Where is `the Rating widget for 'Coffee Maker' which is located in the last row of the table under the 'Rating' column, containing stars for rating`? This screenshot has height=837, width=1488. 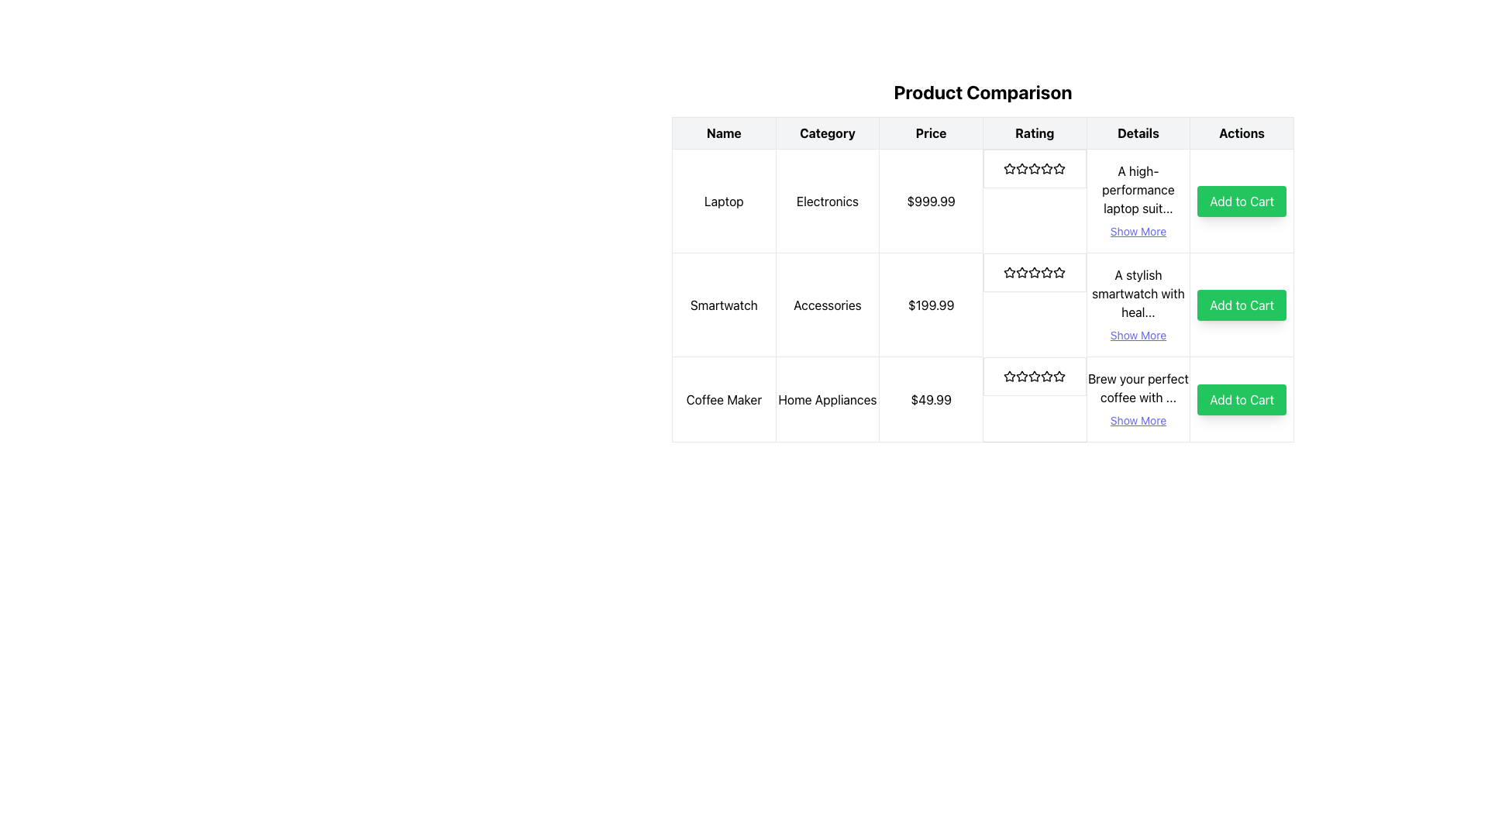 the Rating widget for 'Coffee Maker' which is located in the last row of the table under the 'Rating' column, containing stars for rating is located at coordinates (982, 398).